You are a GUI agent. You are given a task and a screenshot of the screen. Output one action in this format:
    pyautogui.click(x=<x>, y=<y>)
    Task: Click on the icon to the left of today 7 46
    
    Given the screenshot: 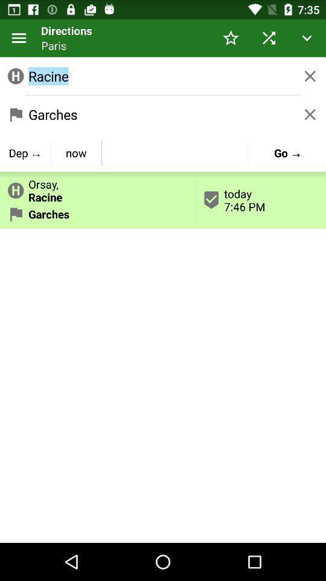 What is the action you would take?
    pyautogui.click(x=97, y=188)
    